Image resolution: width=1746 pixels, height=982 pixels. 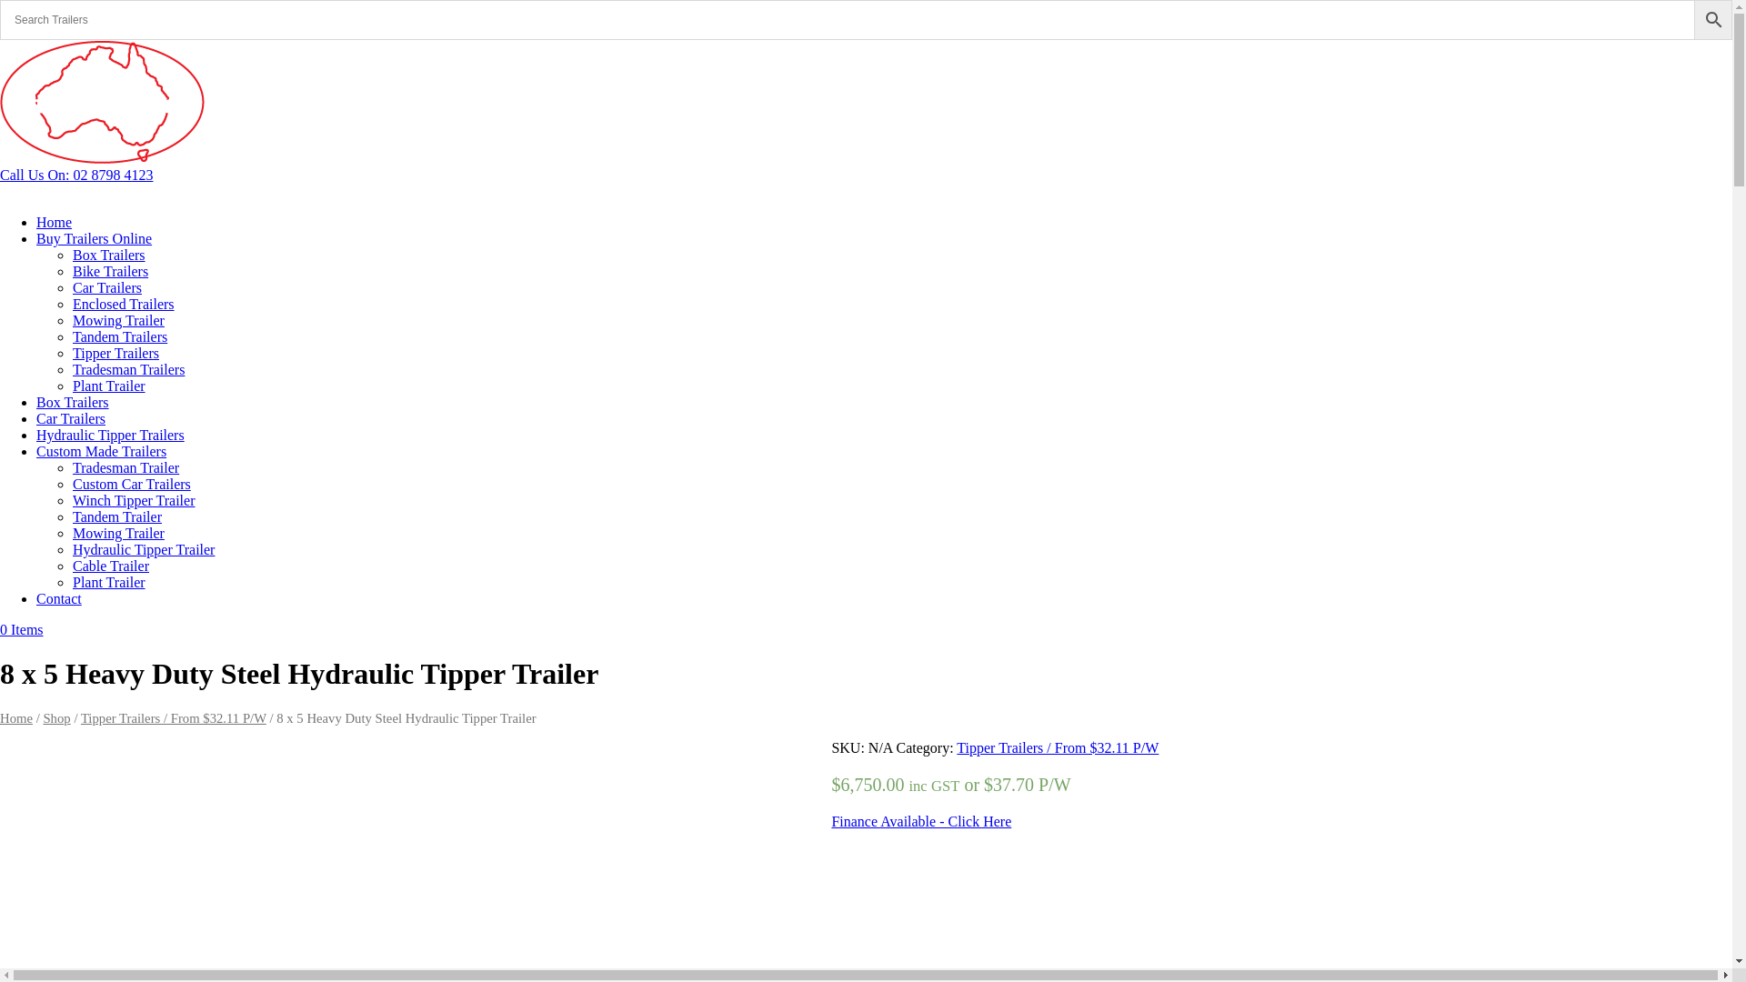 I want to click on 'Cable Trailer', so click(x=73, y=565).